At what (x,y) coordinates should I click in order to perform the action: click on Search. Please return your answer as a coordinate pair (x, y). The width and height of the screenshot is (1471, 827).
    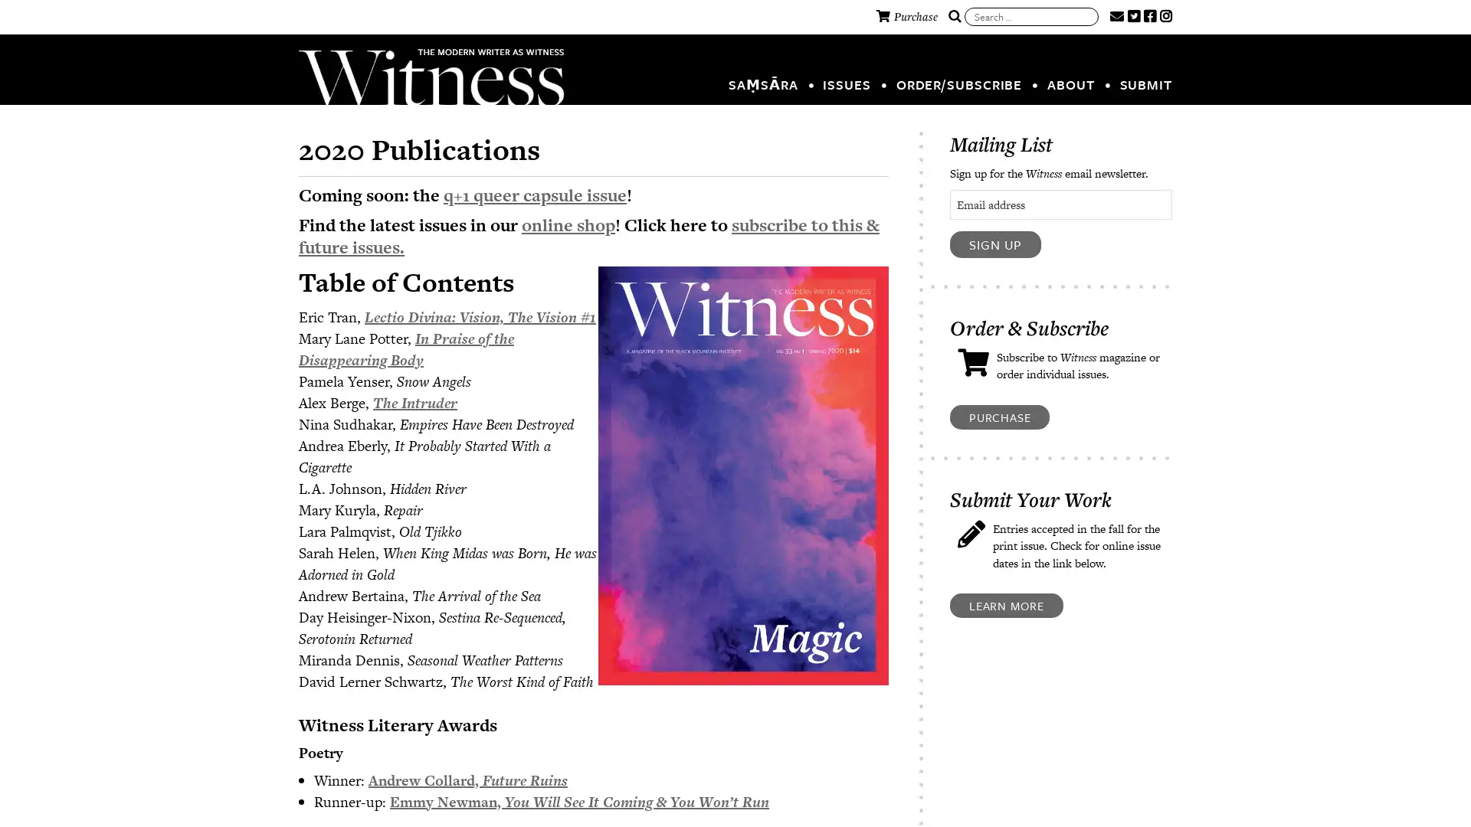
    Looking at the image, I should click on (954, 17).